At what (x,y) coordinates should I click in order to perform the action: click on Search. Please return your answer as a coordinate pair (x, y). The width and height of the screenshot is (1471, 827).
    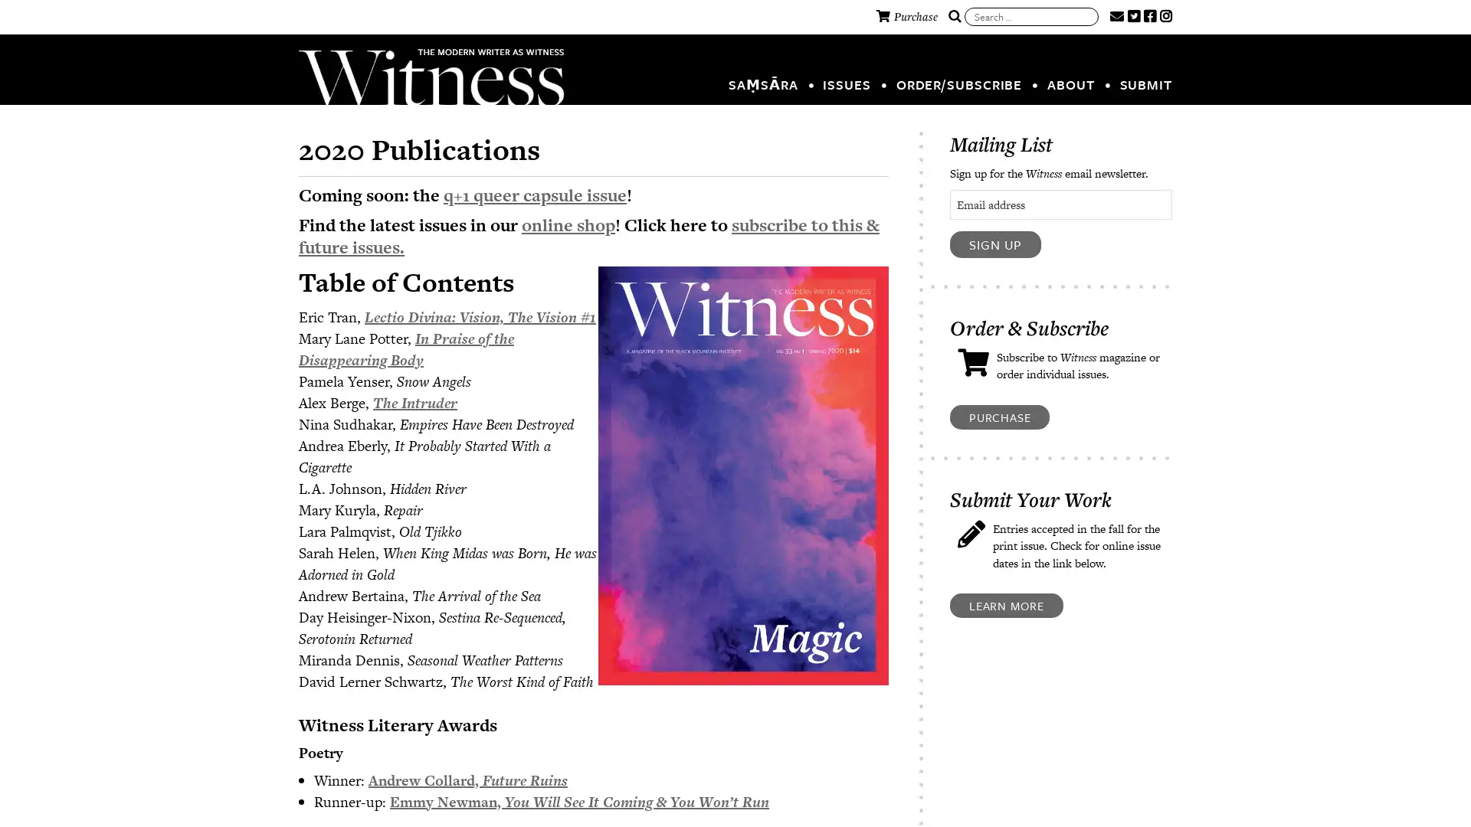
    Looking at the image, I should click on (954, 17).